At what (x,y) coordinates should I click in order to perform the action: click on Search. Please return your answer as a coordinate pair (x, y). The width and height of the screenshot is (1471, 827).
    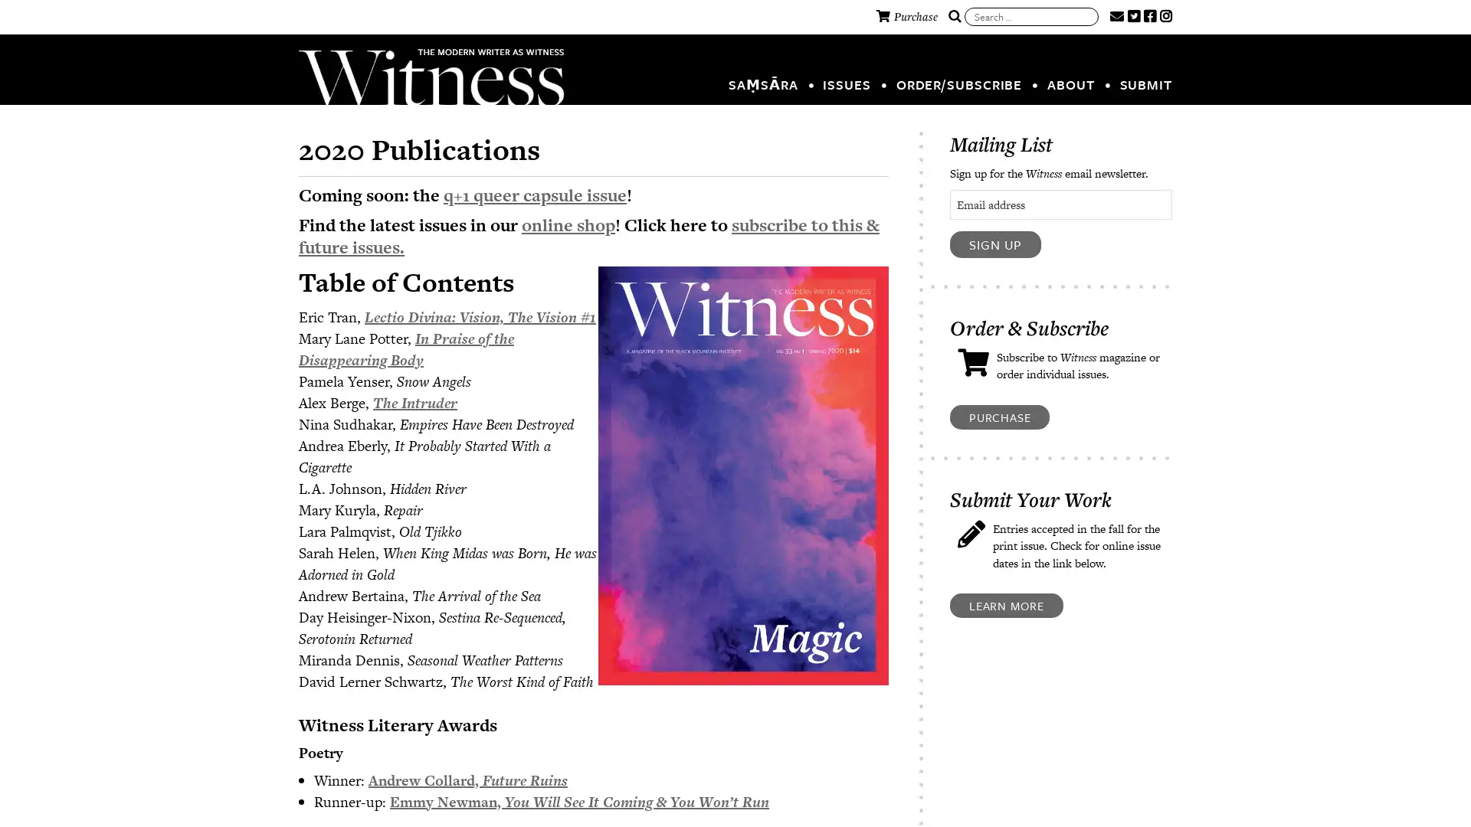
    Looking at the image, I should click on (954, 17).